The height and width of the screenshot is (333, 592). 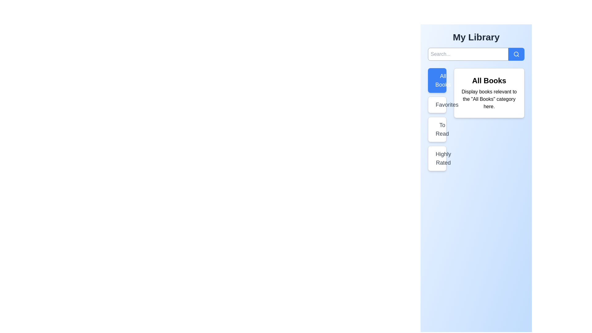 I want to click on the 'To Read' button, which is the third button, so click(x=437, y=120).